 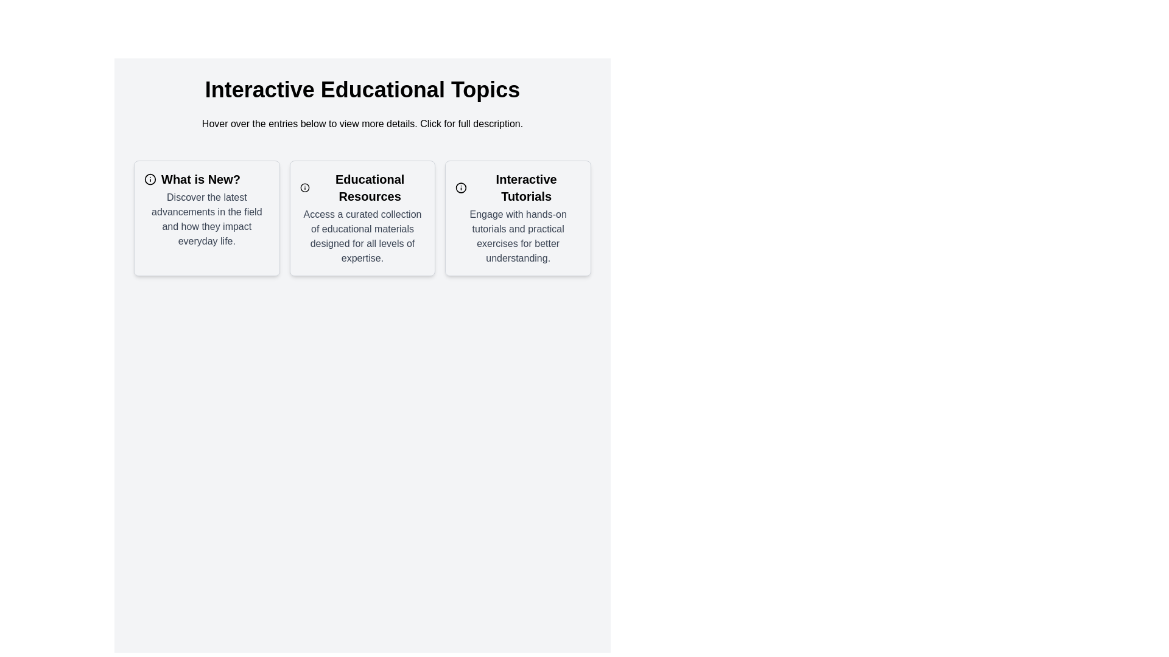 What do you see at coordinates (362, 124) in the screenshot?
I see `instructional banner text located beneath the heading 'Interactive Educational Topics', which states 'Hover over the entries below to view more details. Click for full description.'` at bounding box center [362, 124].